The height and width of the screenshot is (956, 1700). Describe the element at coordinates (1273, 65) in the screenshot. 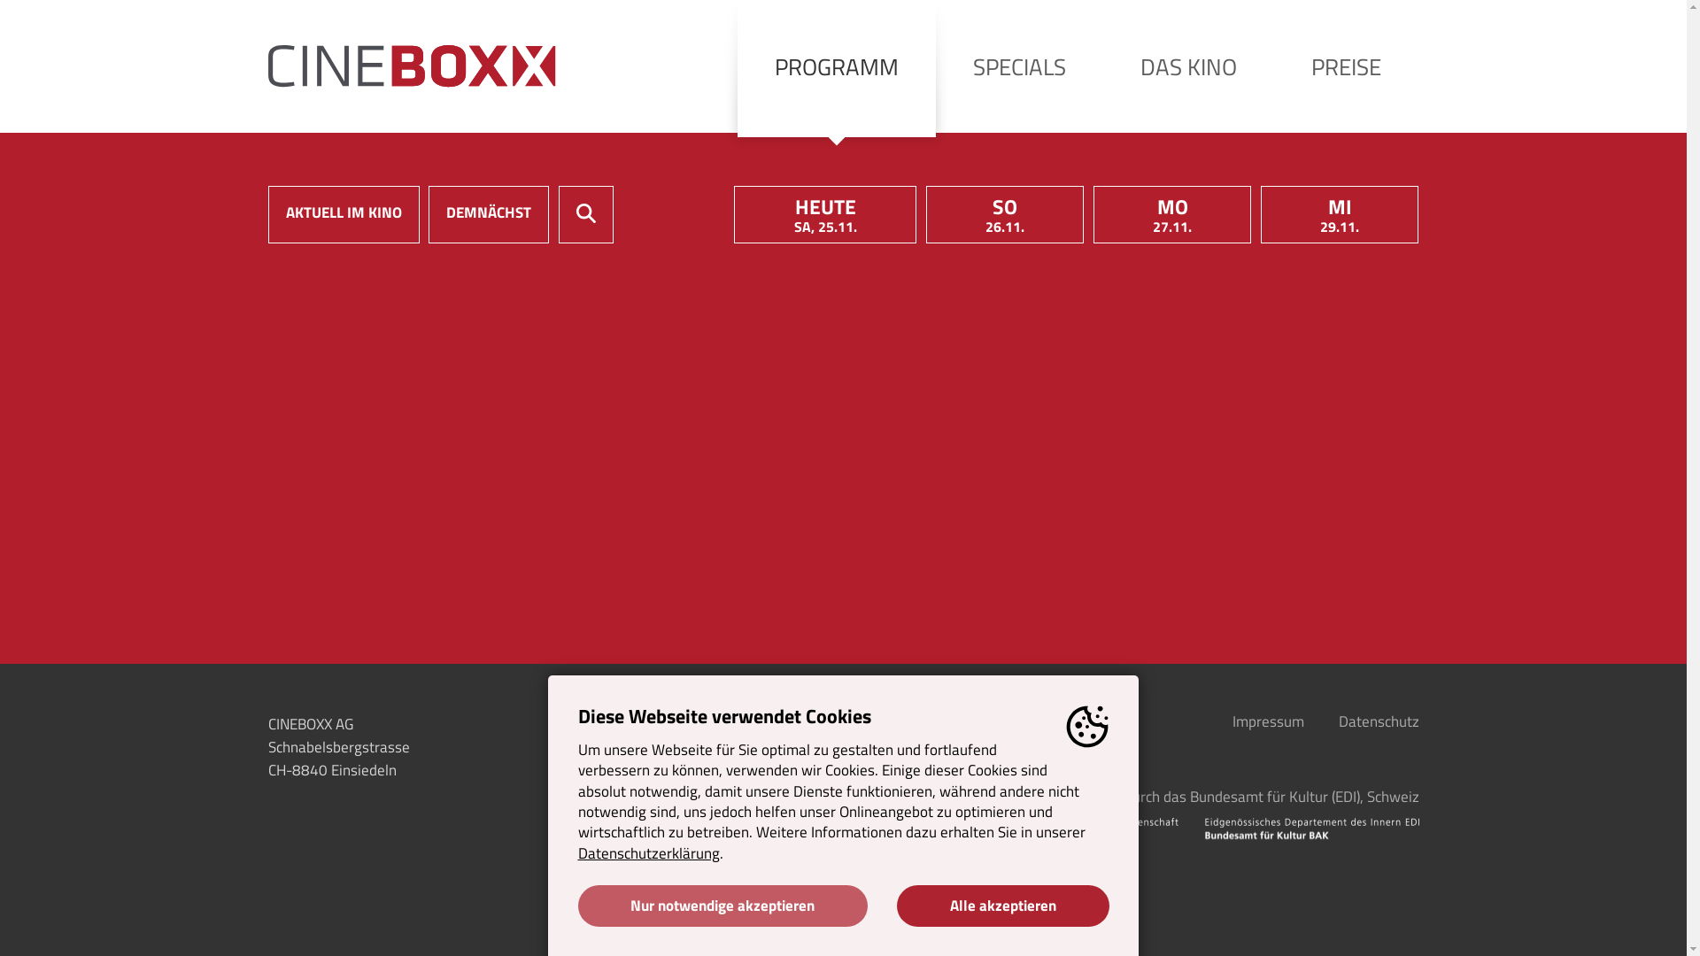

I see `'PREISE'` at that location.